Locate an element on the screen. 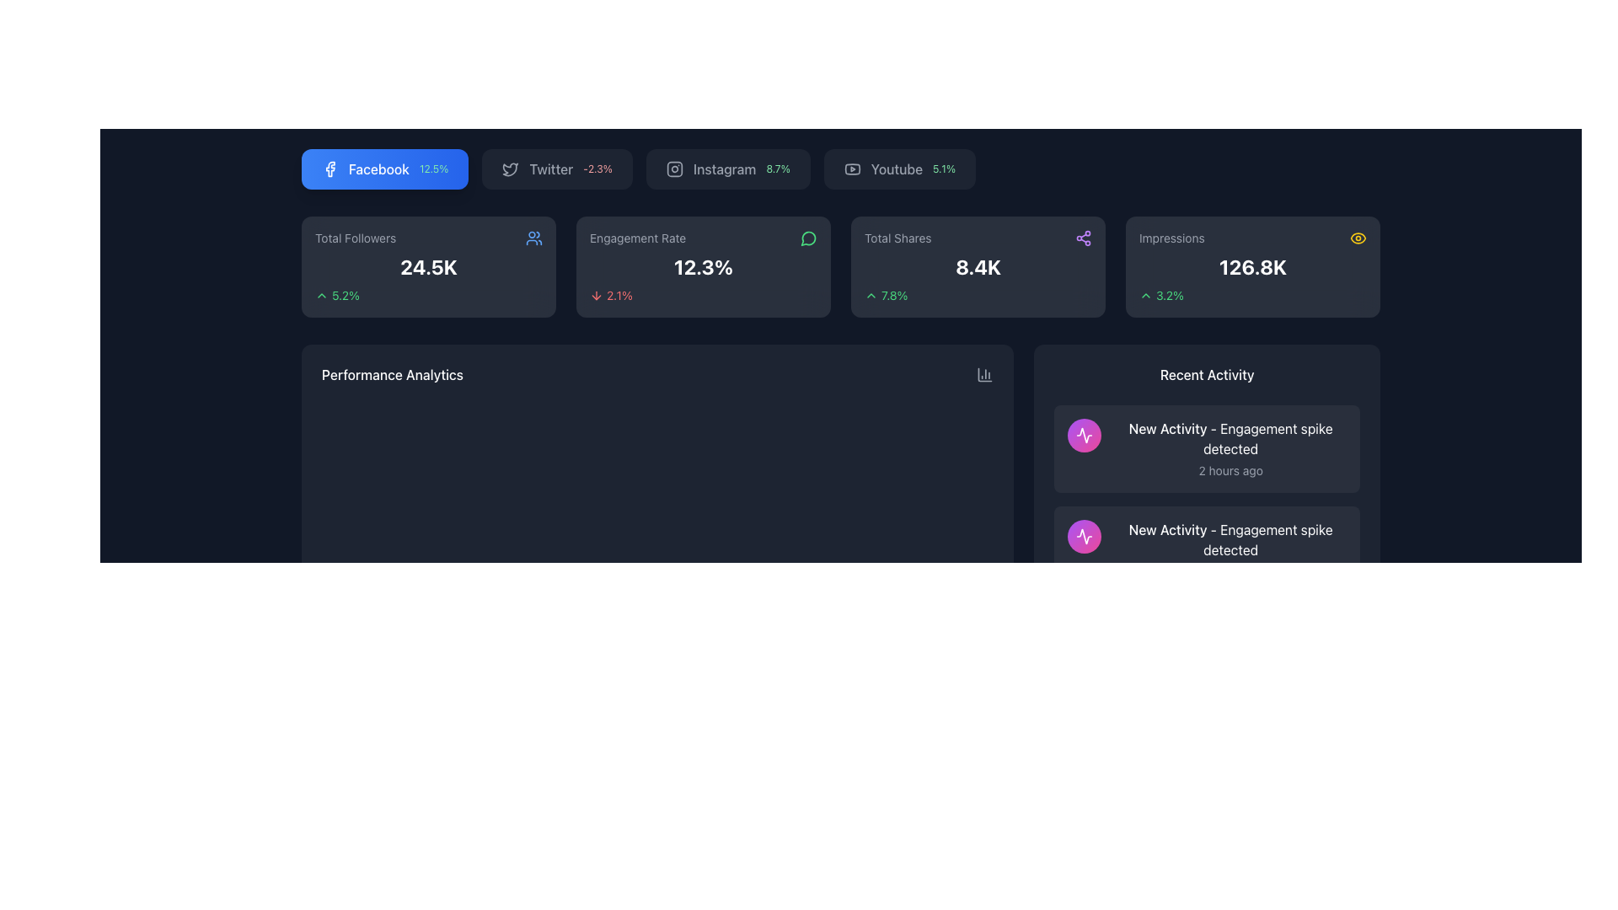 This screenshot has width=1618, height=910. the small gray icon button depicting a column chart graph located at the top right corner of the 'Performance Analytics' section is located at coordinates (985, 373).